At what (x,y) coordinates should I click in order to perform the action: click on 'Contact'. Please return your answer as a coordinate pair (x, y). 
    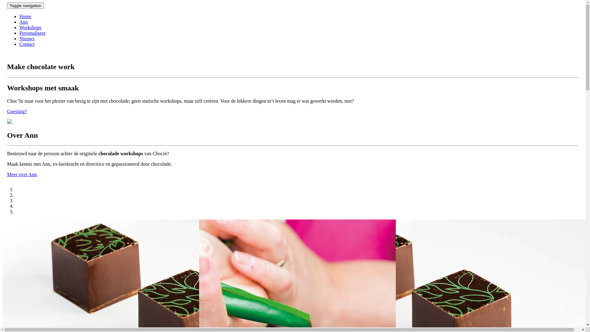
    Looking at the image, I should click on (26, 44).